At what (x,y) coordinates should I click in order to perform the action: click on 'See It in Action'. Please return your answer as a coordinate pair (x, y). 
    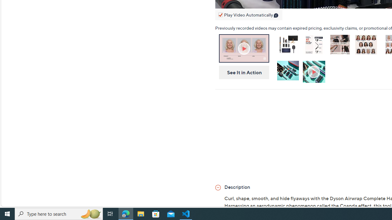
    Looking at the image, I should click on (242, 72).